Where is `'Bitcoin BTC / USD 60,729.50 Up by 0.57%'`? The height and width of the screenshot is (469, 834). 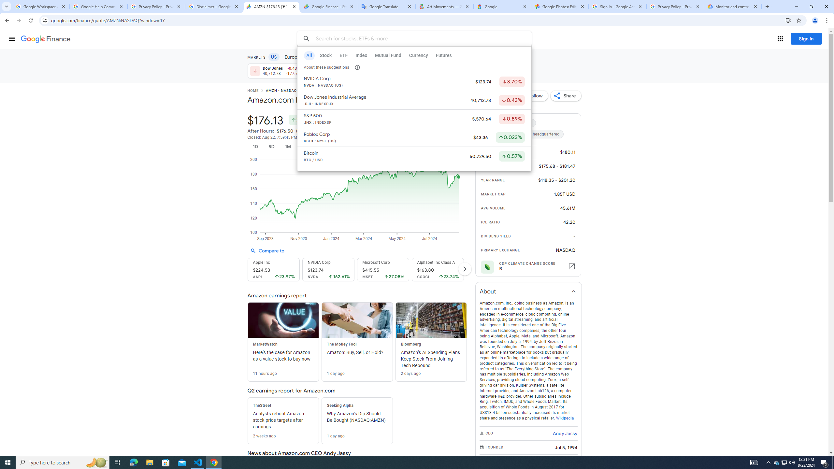
'Bitcoin BTC / USD 60,729.50 Up by 0.57%' is located at coordinates (414, 157).